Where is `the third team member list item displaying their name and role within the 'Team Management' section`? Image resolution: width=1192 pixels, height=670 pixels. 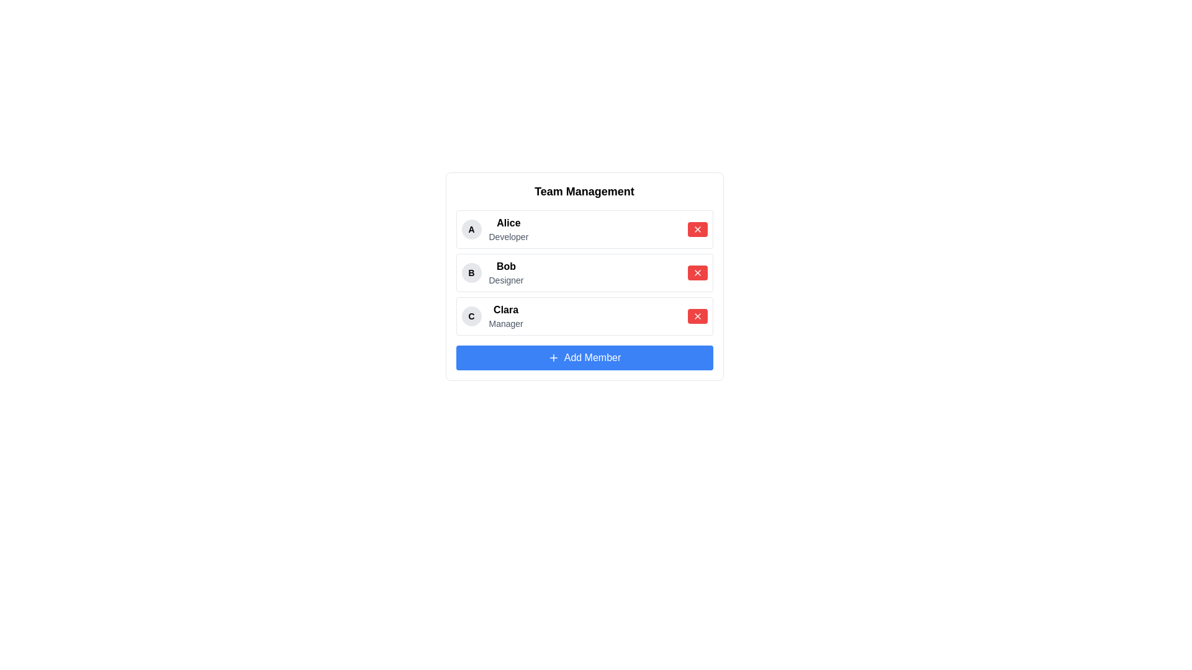 the third team member list item displaying their name and role within the 'Team Management' section is located at coordinates (492, 315).